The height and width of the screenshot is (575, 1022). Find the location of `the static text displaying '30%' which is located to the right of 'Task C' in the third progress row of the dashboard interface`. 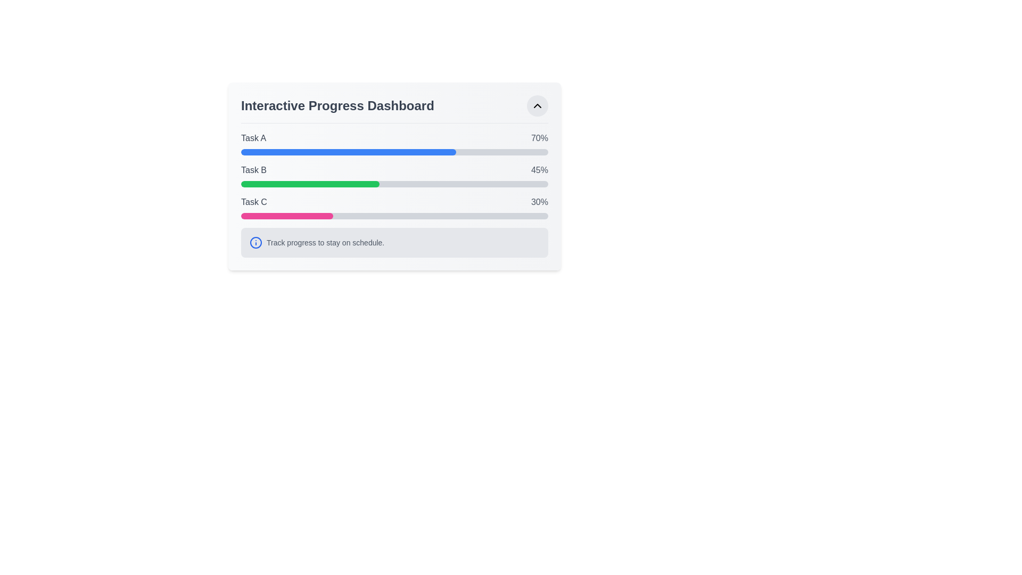

the static text displaying '30%' which is located to the right of 'Task C' in the third progress row of the dashboard interface is located at coordinates (539, 202).